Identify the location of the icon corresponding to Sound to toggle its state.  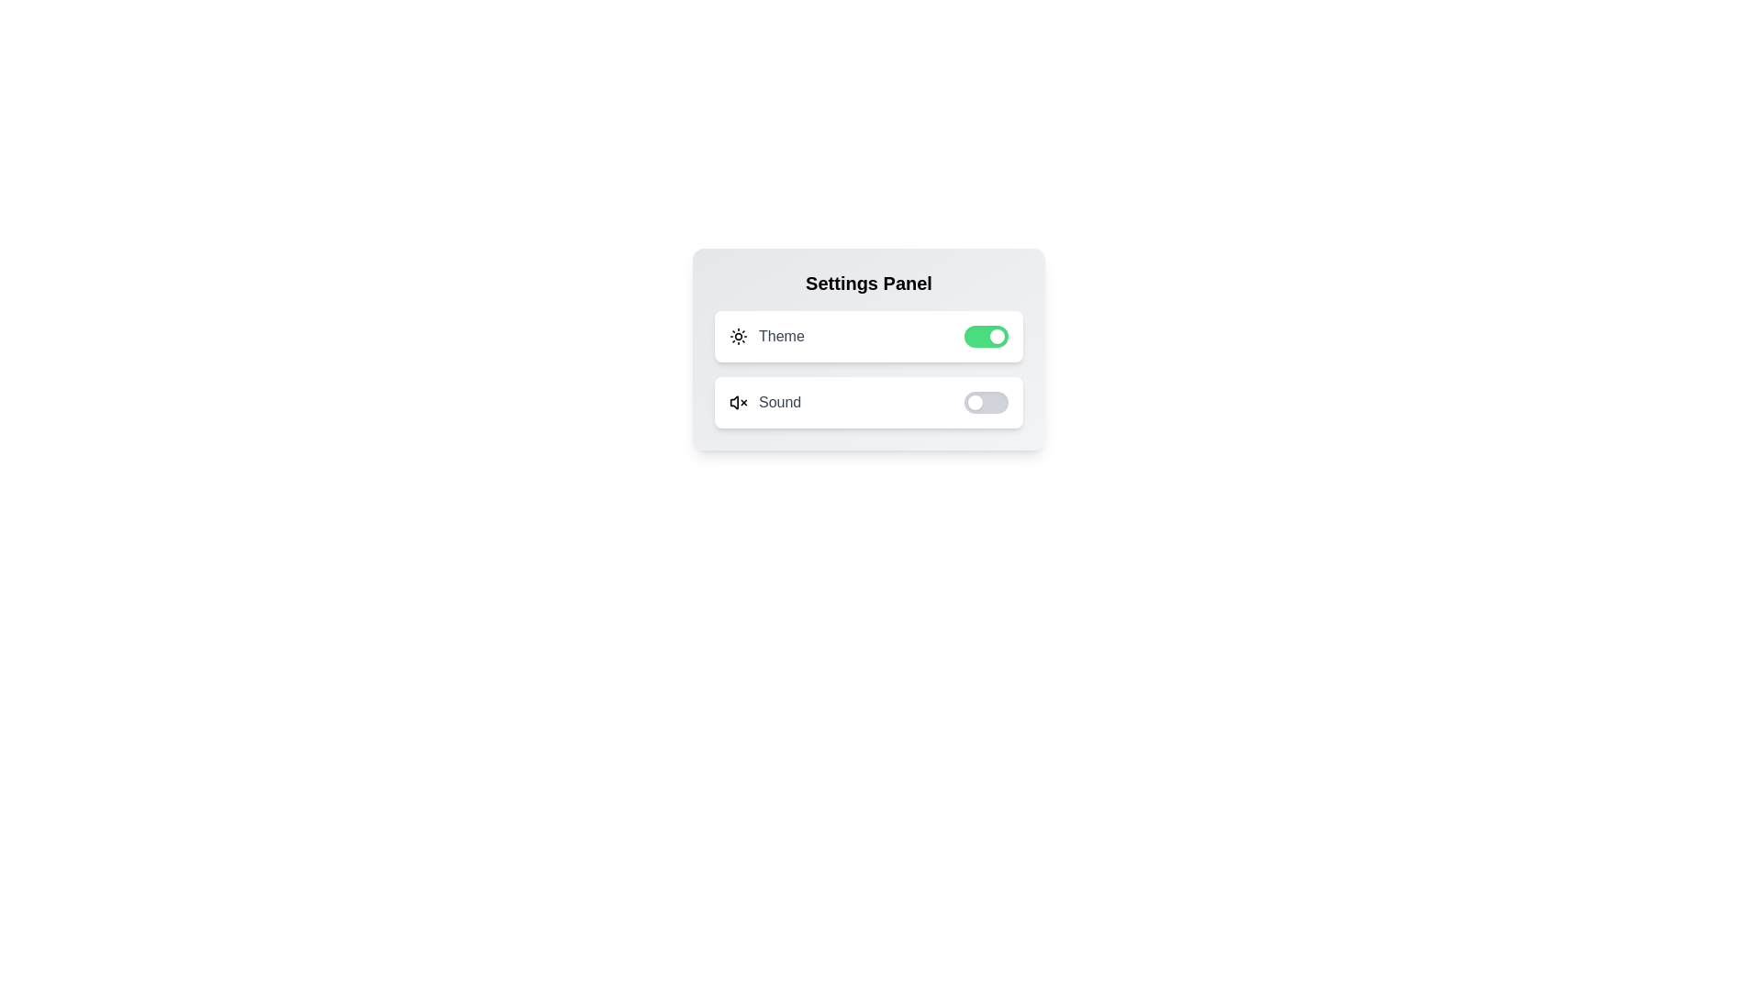
(739, 402).